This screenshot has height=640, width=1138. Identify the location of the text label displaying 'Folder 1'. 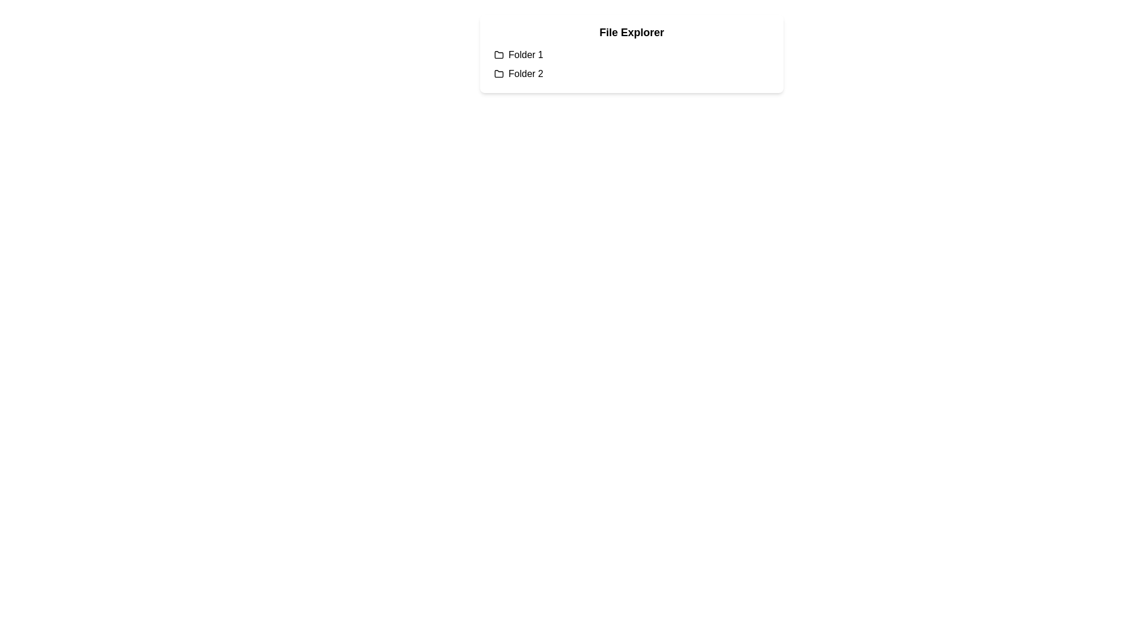
(525, 55).